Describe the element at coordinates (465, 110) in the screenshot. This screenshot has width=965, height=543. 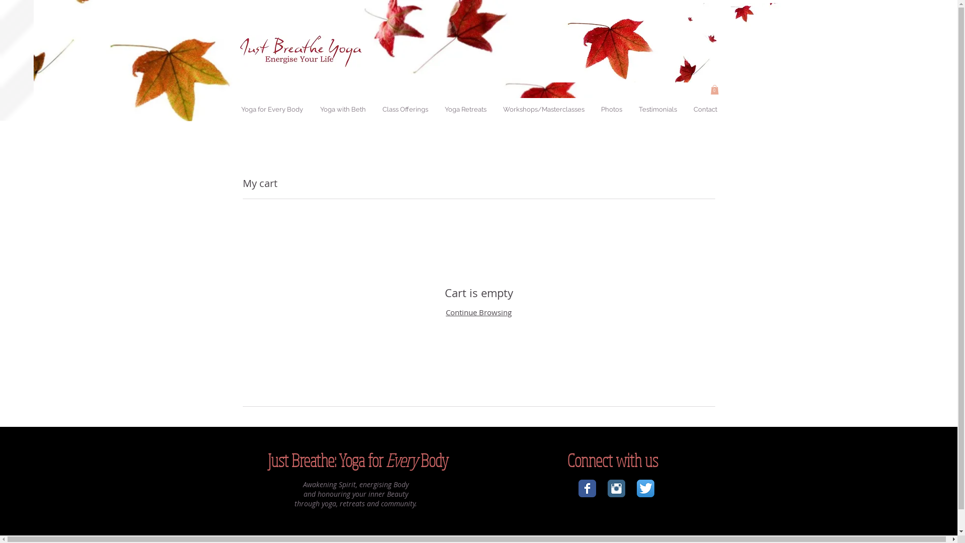
I see `'Yoga Retreats'` at that location.